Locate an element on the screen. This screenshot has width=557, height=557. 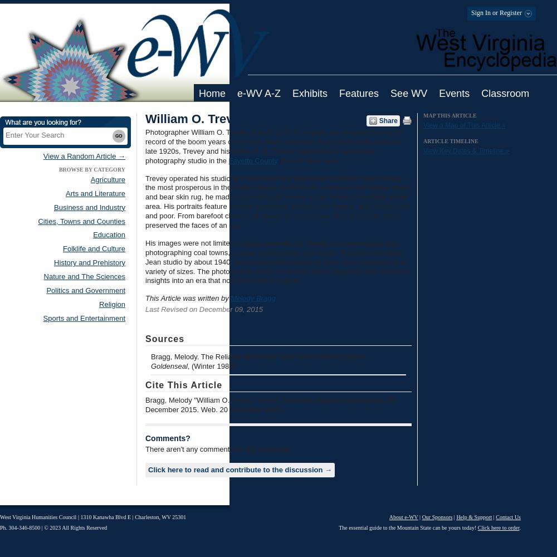
'Bragg, Melody
        "William O. Trevey." e-WV: The West Virginia Encyclopedia.
        
          09 December 2015.
        
        Web. 20 November 2023.' is located at coordinates (270, 404).